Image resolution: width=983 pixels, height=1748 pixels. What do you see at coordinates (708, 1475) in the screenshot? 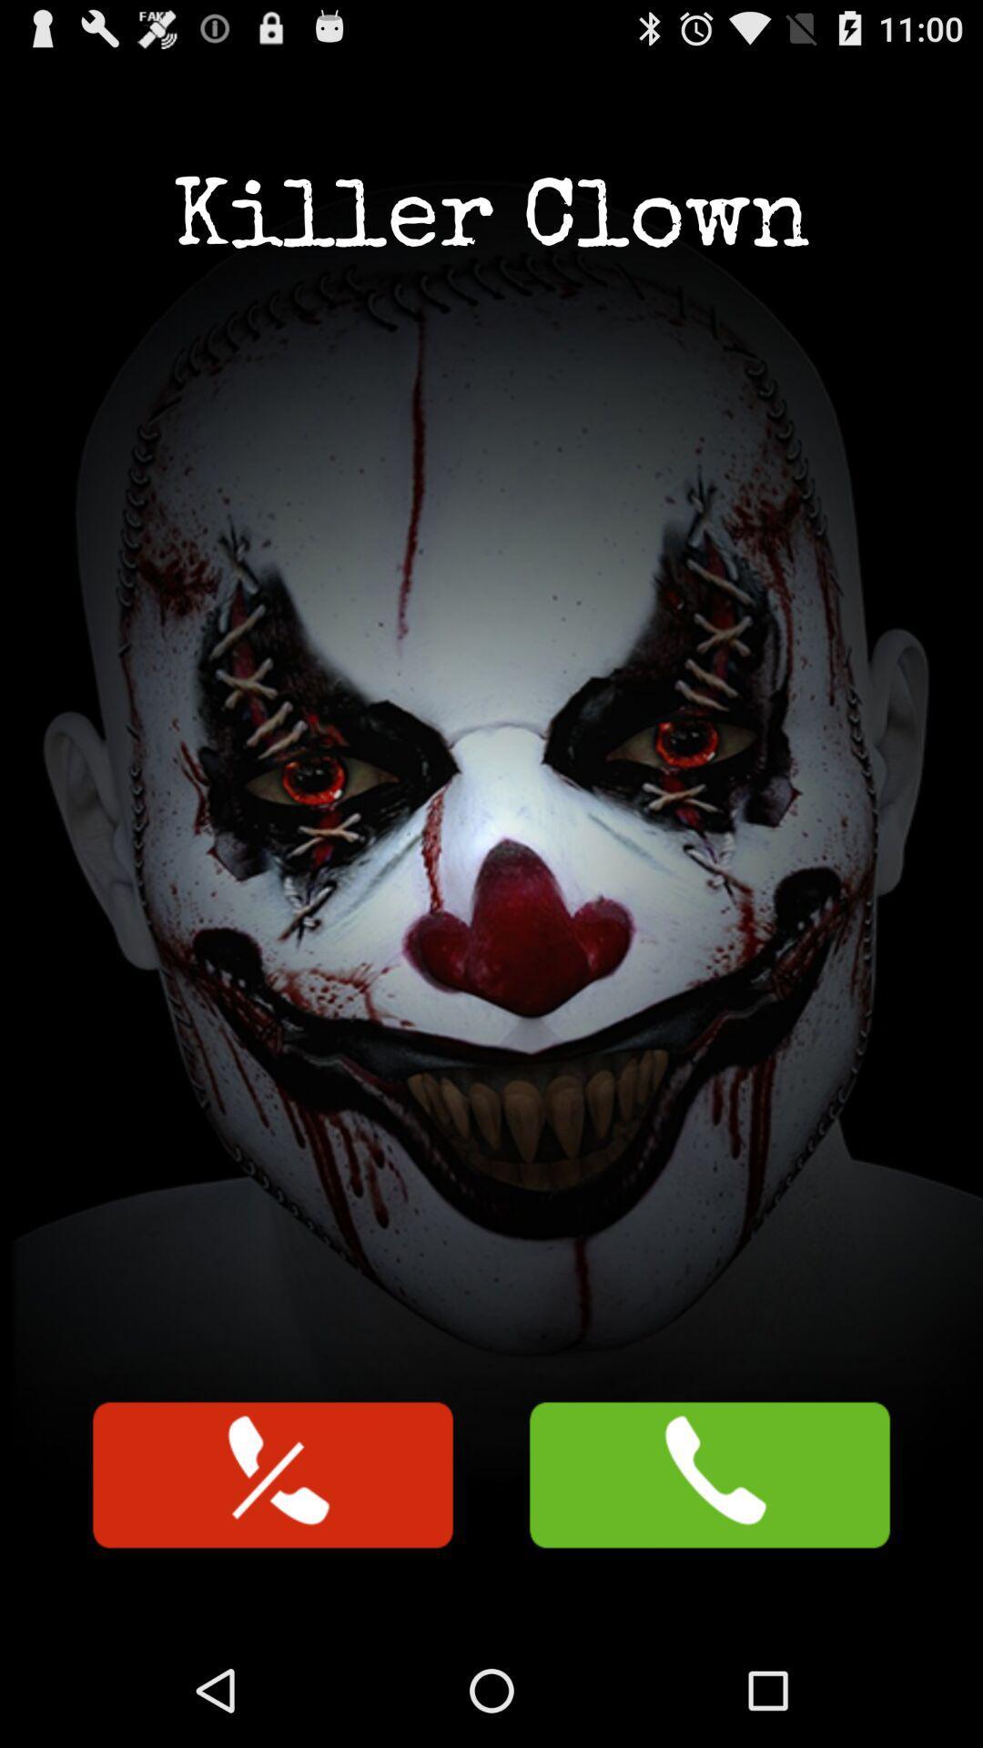
I see `answer call` at bounding box center [708, 1475].